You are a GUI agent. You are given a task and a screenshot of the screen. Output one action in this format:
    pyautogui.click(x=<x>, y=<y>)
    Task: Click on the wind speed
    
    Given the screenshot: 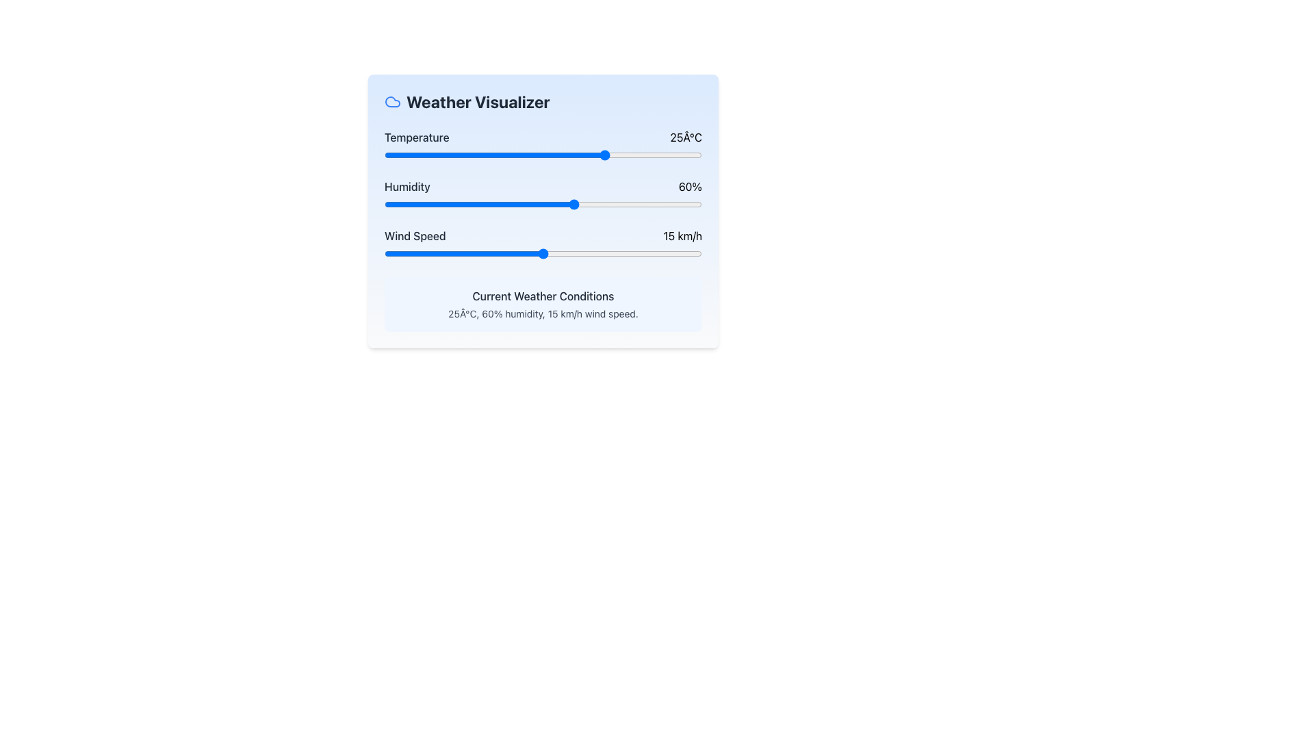 What is the action you would take?
    pyautogui.click(x=459, y=253)
    